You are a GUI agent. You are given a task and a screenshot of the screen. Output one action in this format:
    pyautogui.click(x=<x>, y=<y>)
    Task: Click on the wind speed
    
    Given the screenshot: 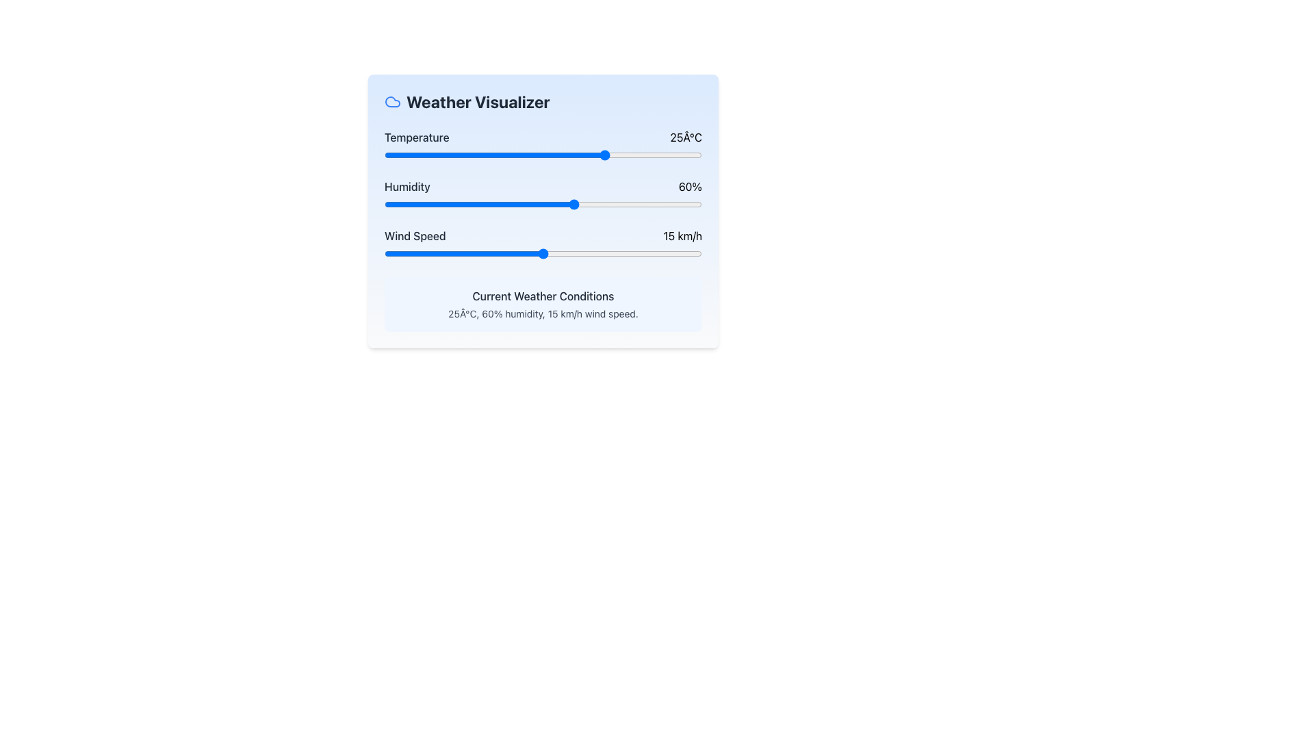 What is the action you would take?
    pyautogui.click(x=459, y=253)
    